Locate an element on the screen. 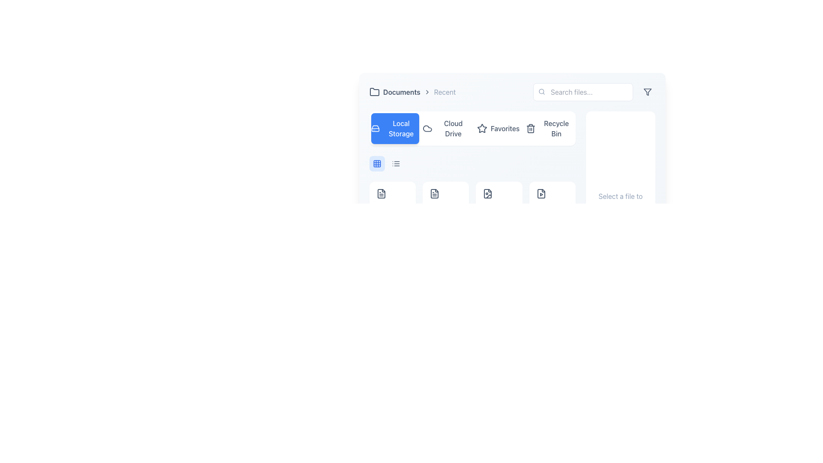 The height and width of the screenshot is (463, 823). the filter icon button, which is a small funnel-shaped icon outlined in dark color located at the top-right corner of the interface is located at coordinates (648, 92).